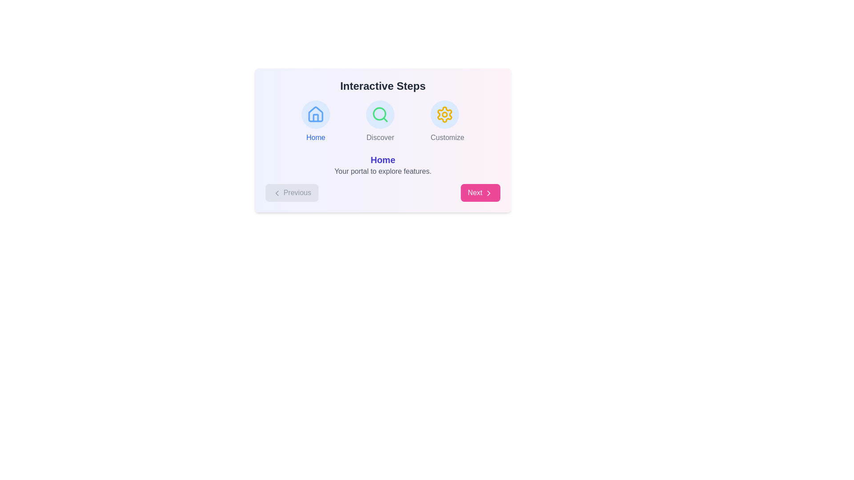 The image size is (854, 480). I want to click on the left-facing chevron icon within the 'Previous' button at the bottom-left of the card interface, so click(277, 192).